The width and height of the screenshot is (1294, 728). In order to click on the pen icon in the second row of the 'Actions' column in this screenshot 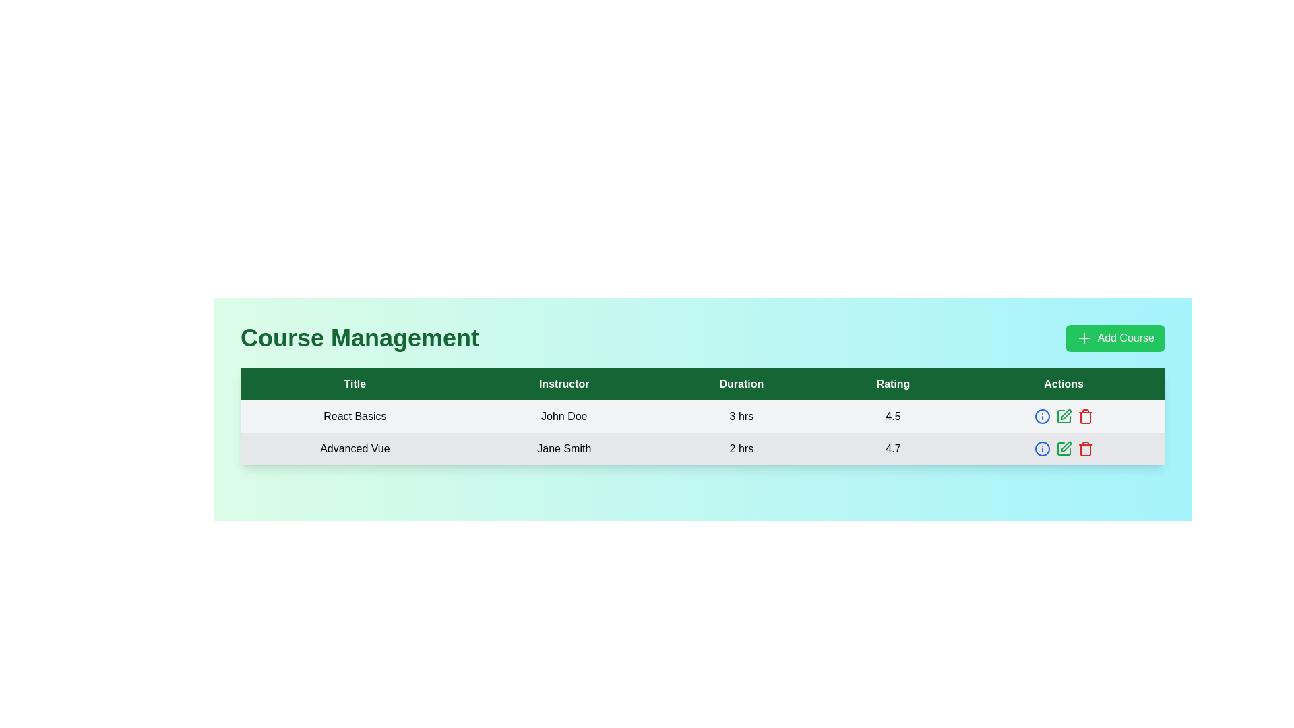, I will do `click(1063, 415)`.